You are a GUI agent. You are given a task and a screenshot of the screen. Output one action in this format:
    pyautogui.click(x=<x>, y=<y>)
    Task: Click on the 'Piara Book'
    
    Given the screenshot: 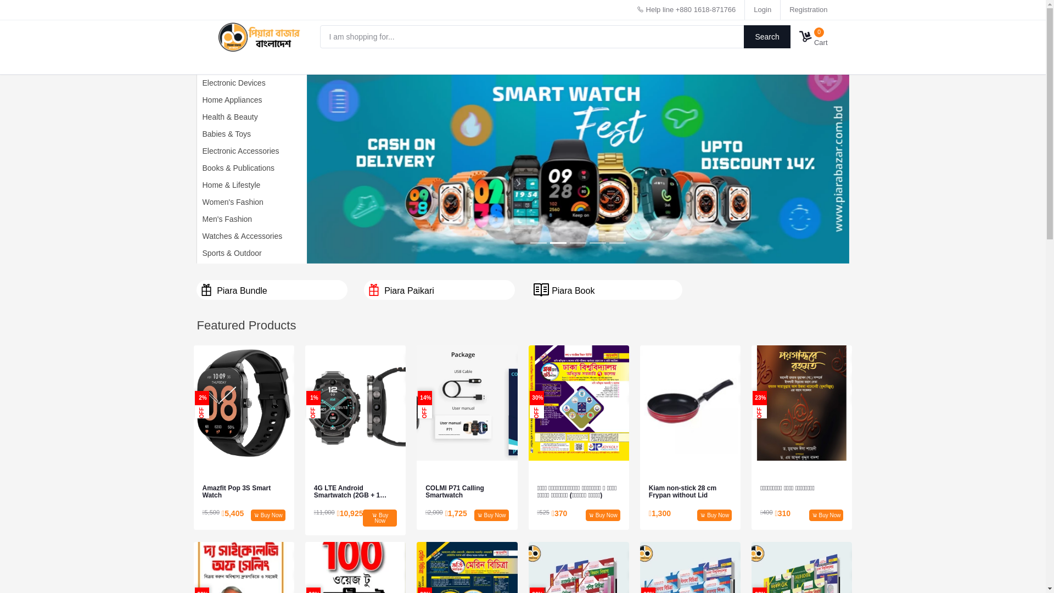 What is the action you would take?
    pyautogui.click(x=606, y=289)
    